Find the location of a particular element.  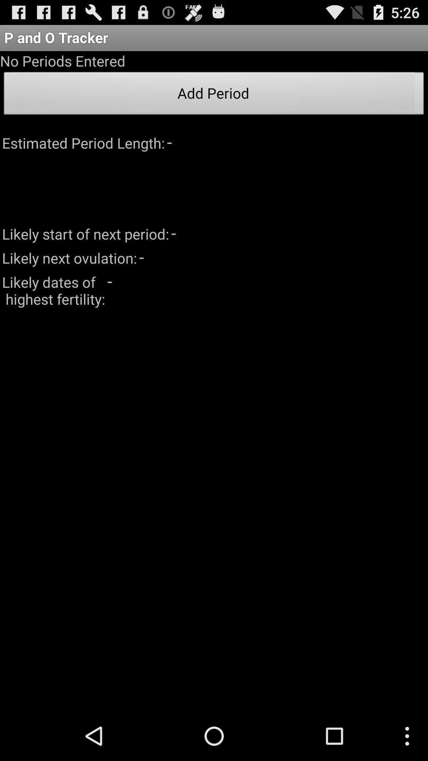

the icon above the - is located at coordinates (214, 95).